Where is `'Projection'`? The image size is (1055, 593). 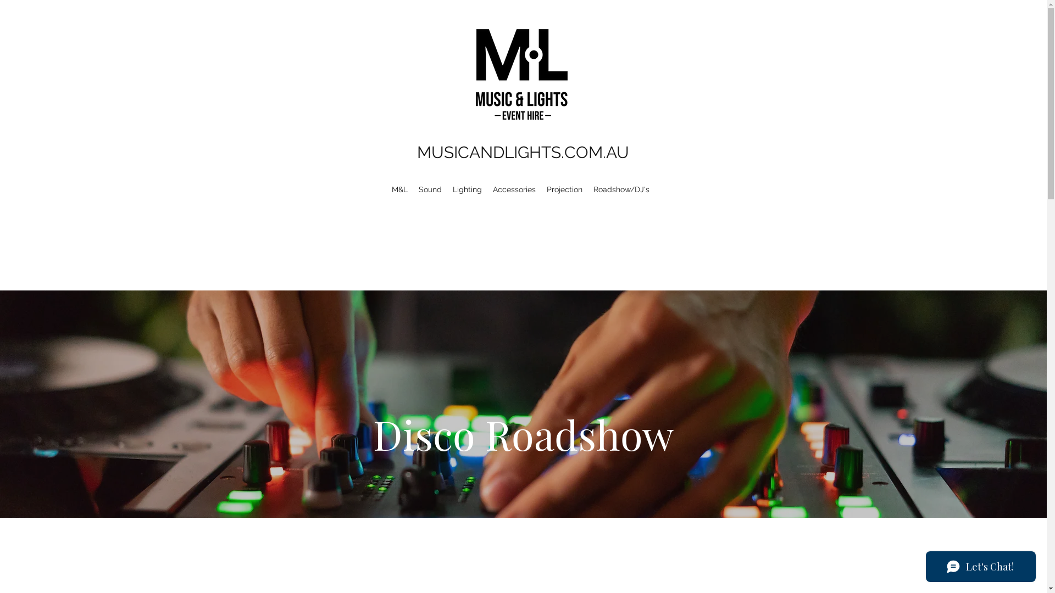
'Projection' is located at coordinates (541, 188).